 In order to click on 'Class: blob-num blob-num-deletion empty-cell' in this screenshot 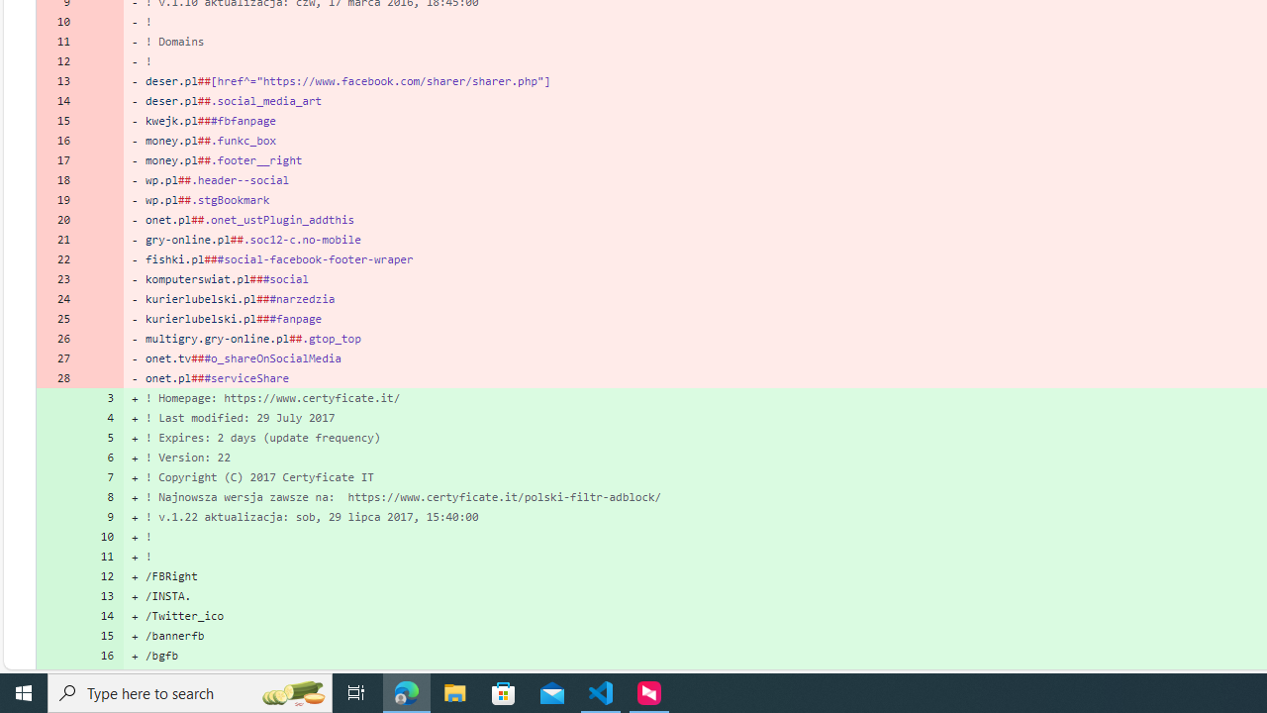, I will do `click(101, 377)`.